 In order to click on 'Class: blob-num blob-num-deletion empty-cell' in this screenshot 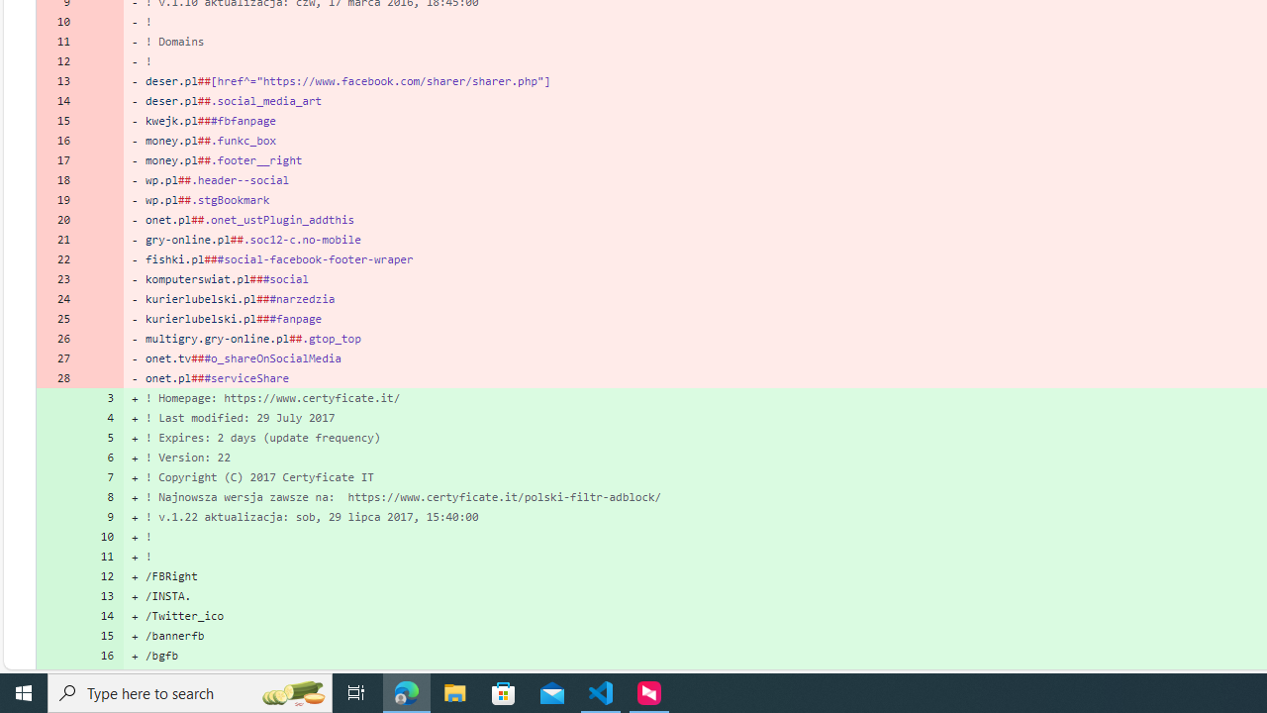, I will do `click(101, 377)`.